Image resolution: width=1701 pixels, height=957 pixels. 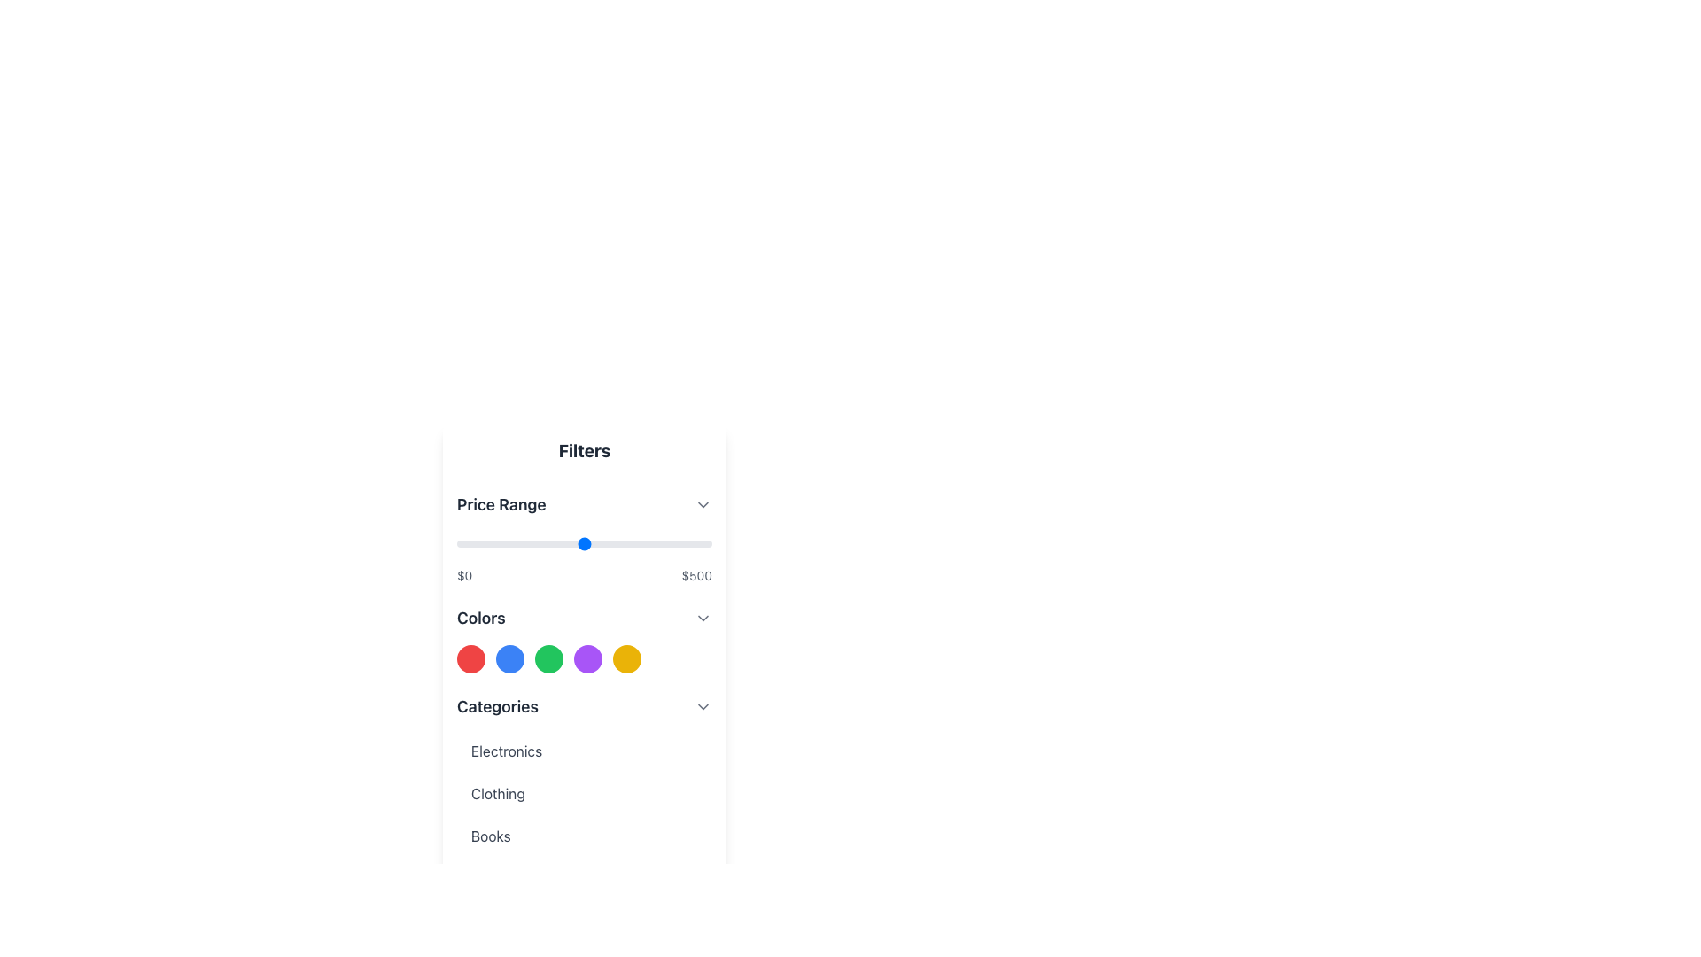 What do you see at coordinates (623, 542) in the screenshot?
I see `the price range slider` at bounding box center [623, 542].